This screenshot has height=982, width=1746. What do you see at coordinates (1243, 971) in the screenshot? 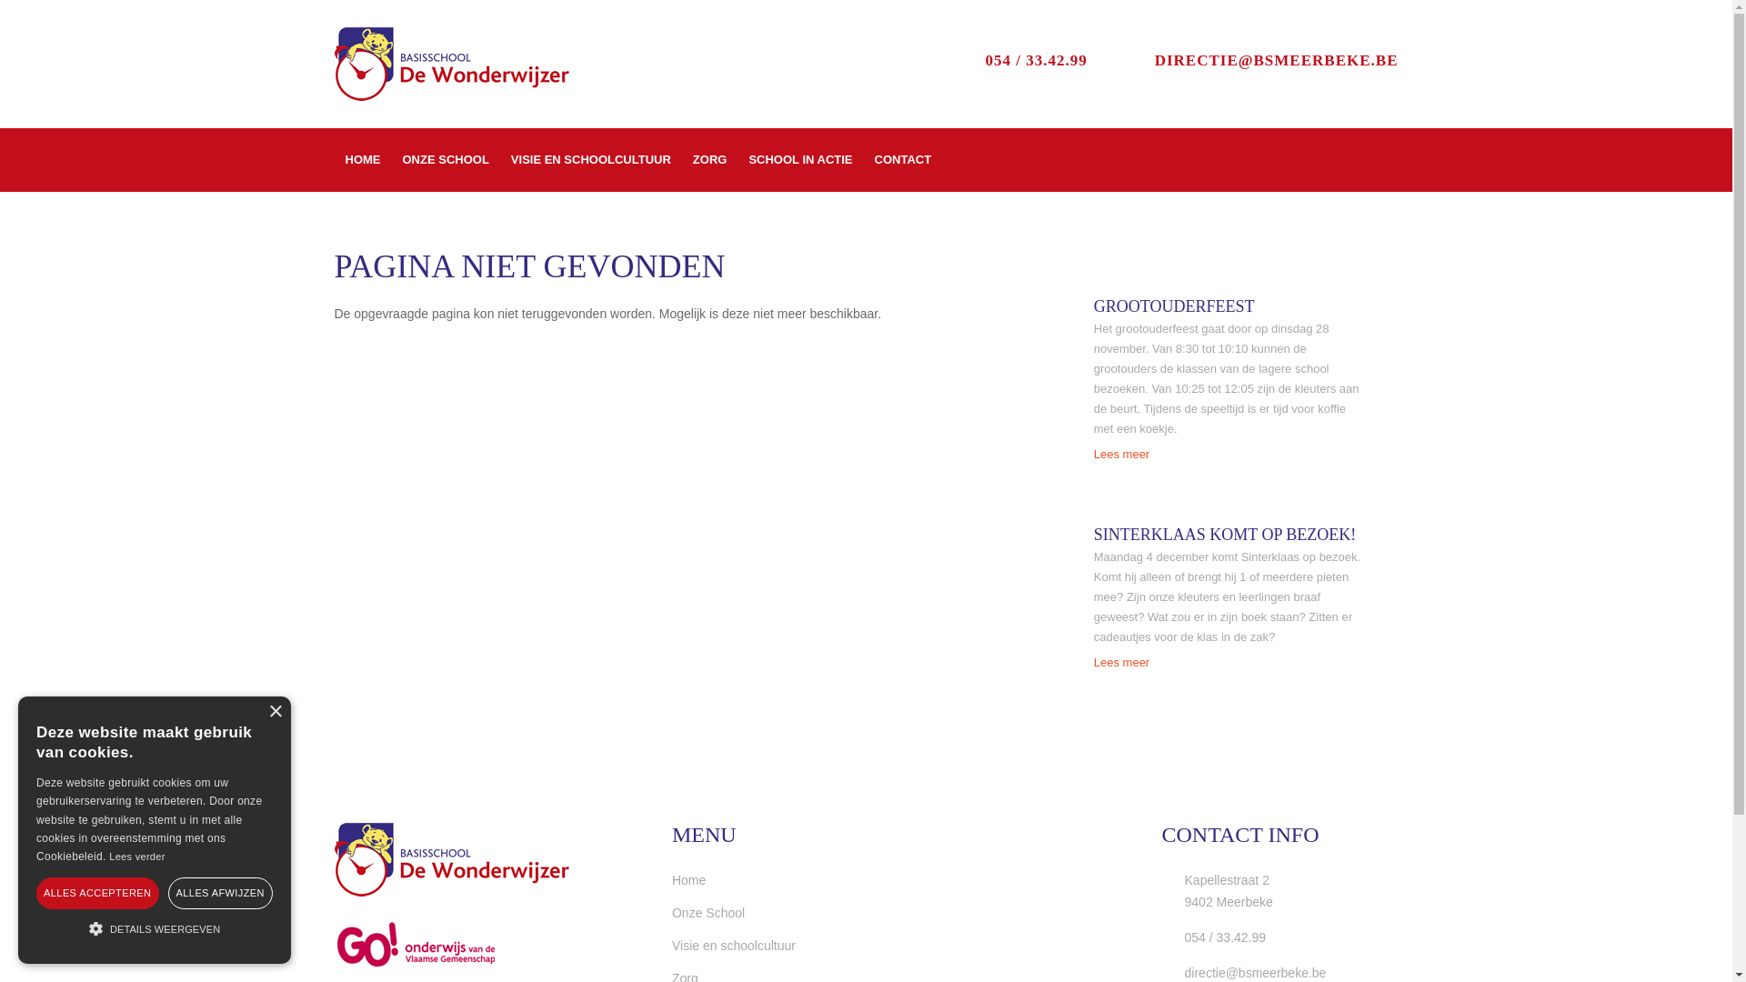
I see `'directie@bsmeerbeke.be'` at bounding box center [1243, 971].